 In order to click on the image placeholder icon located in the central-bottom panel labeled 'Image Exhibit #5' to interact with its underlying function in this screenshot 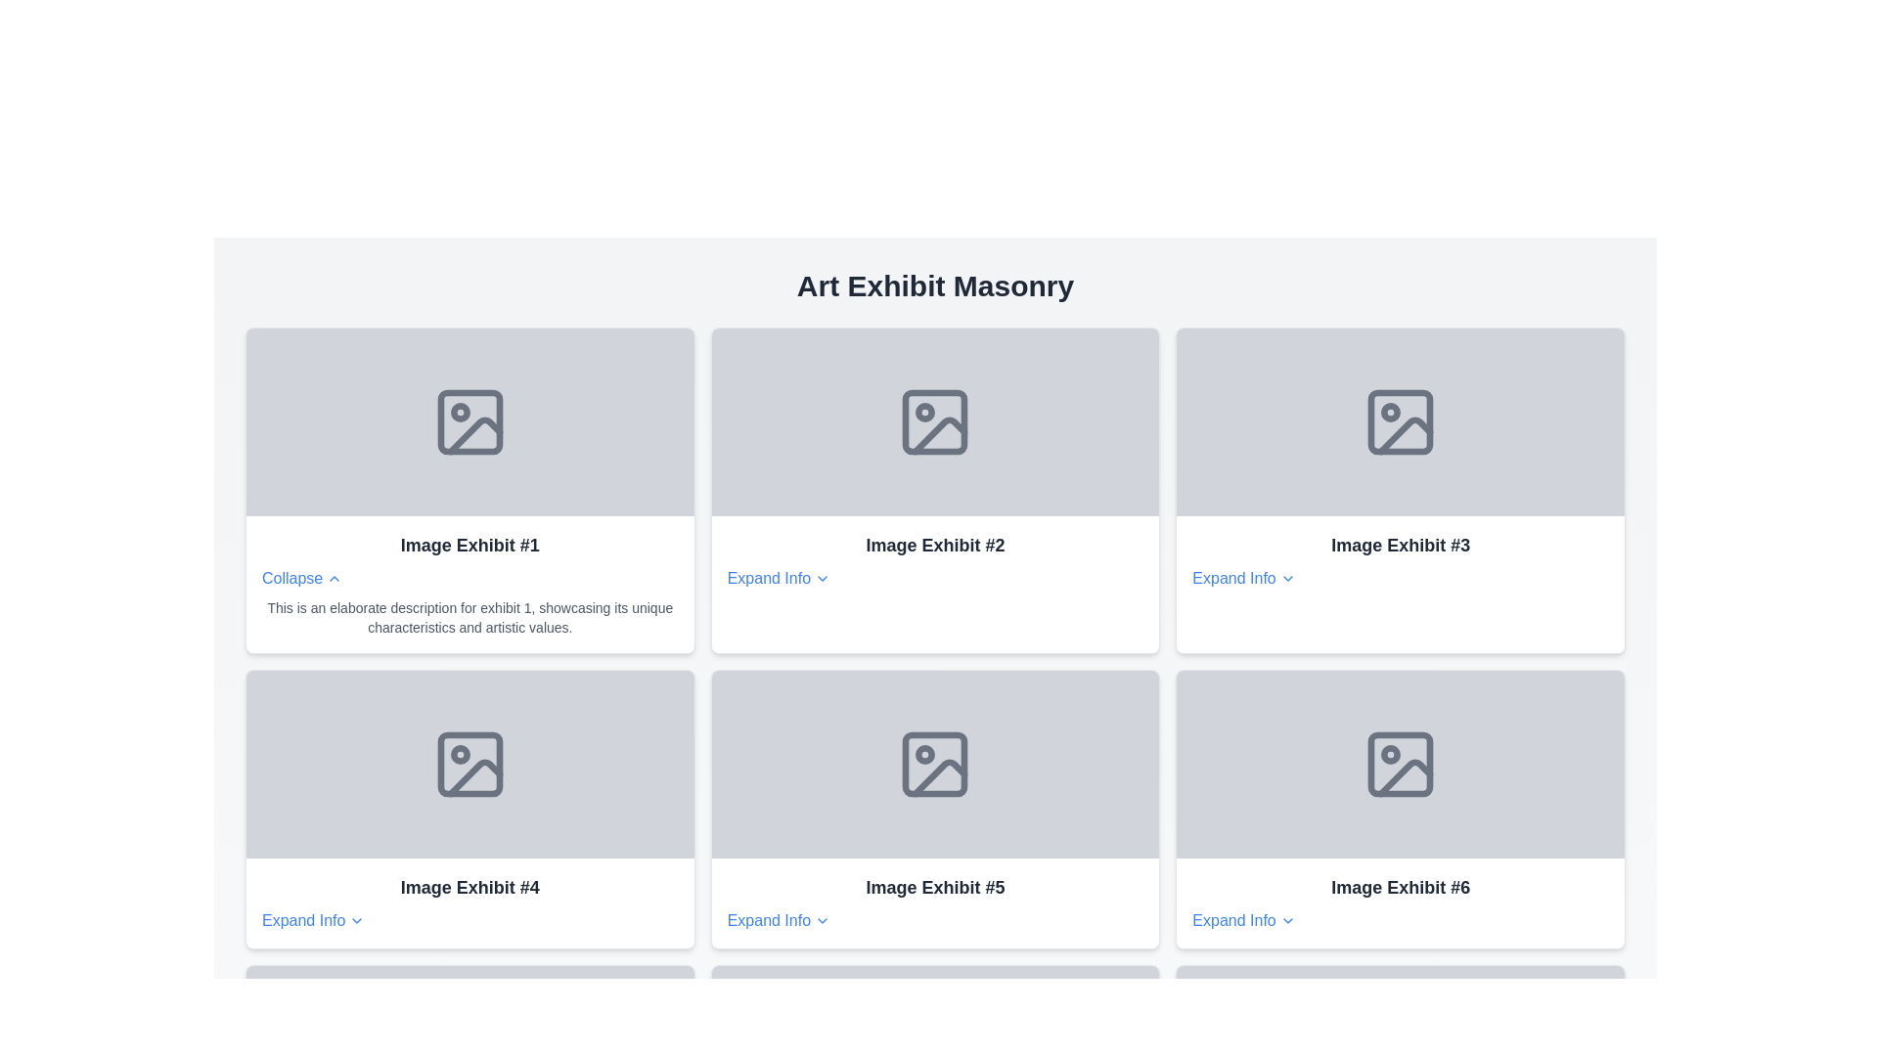, I will do `click(934, 764)`.